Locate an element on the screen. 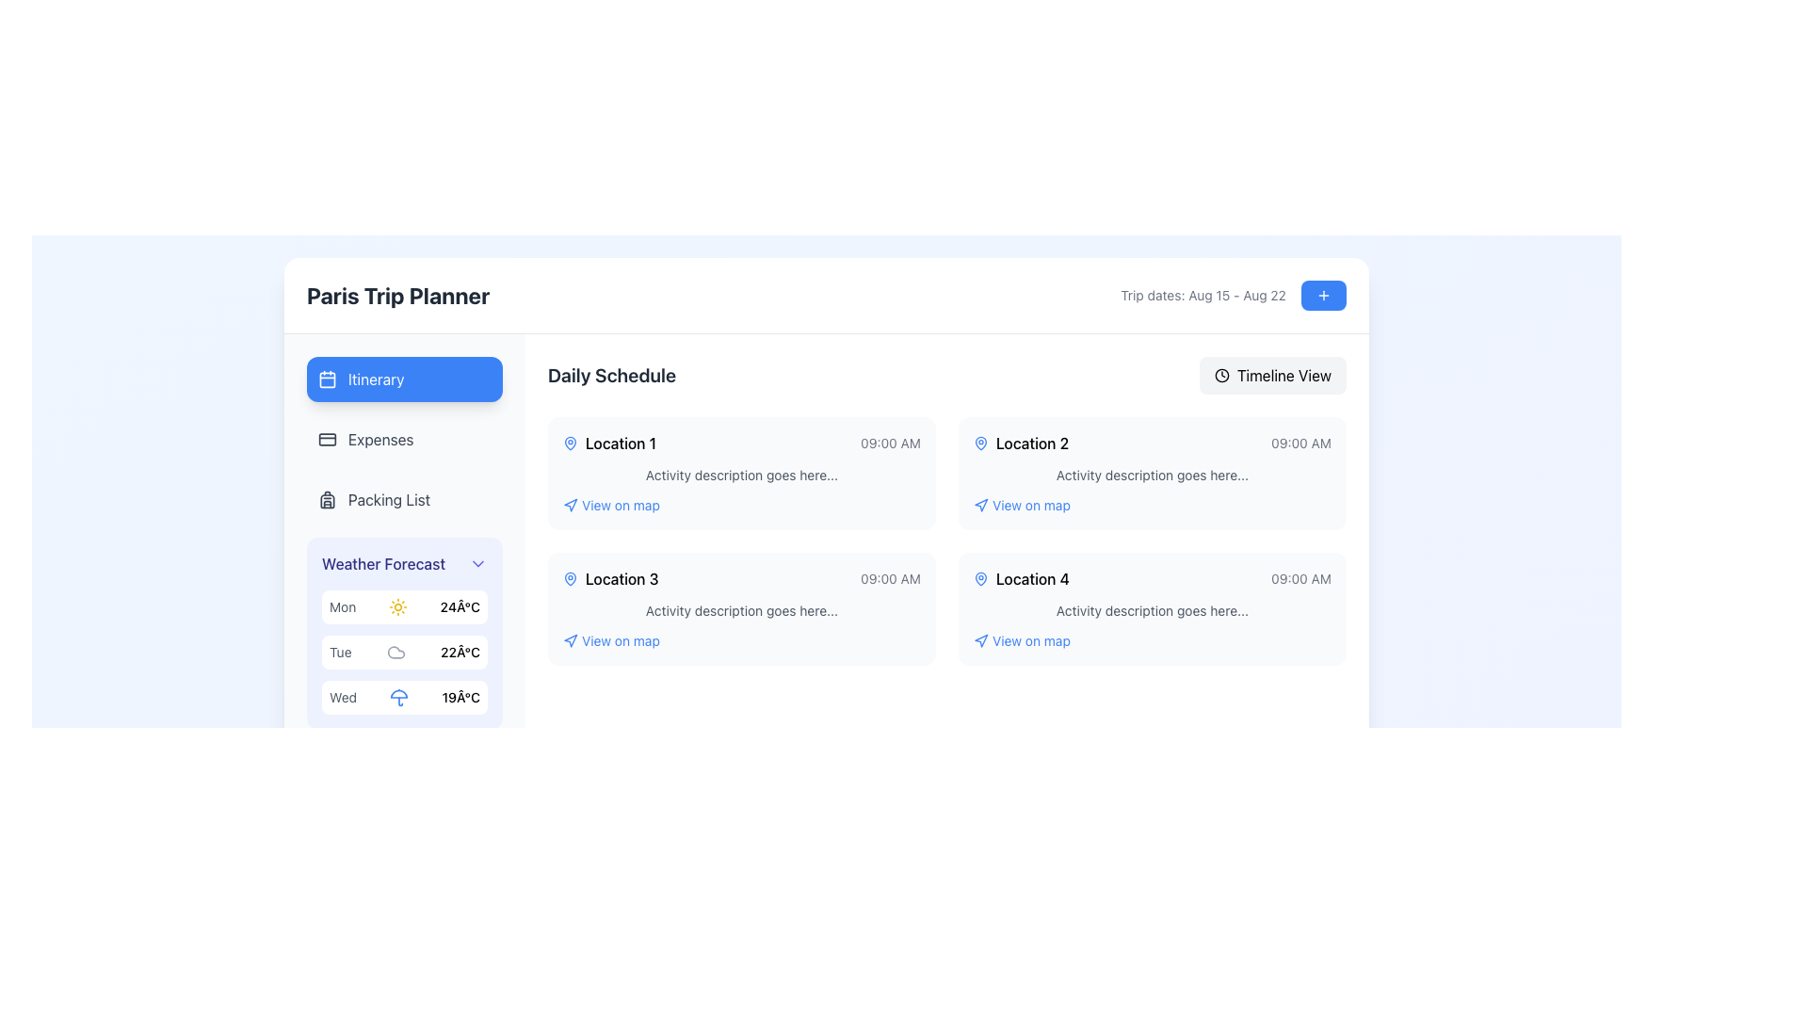 This screenshot has width=1808, height=1017. the button that toggles or activates the 'Timeline View' of the schedule, located on the right side of the header row labeled 'Daily Schedule' is located at coordinates (1272, 375).